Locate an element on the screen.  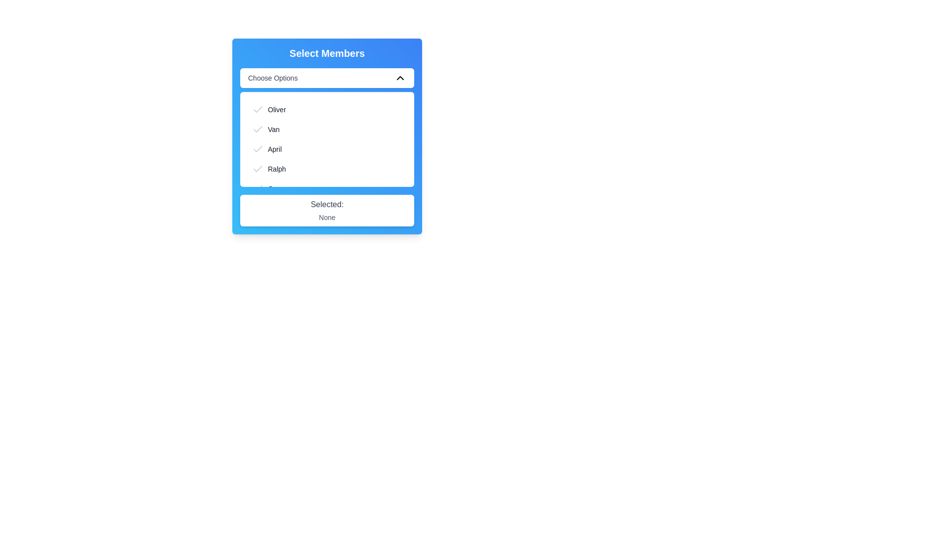
the small light gray checkmark icon located to the left of the name 'Omar' in the dropdown list of selectable members is located at coordinates (258, 188).